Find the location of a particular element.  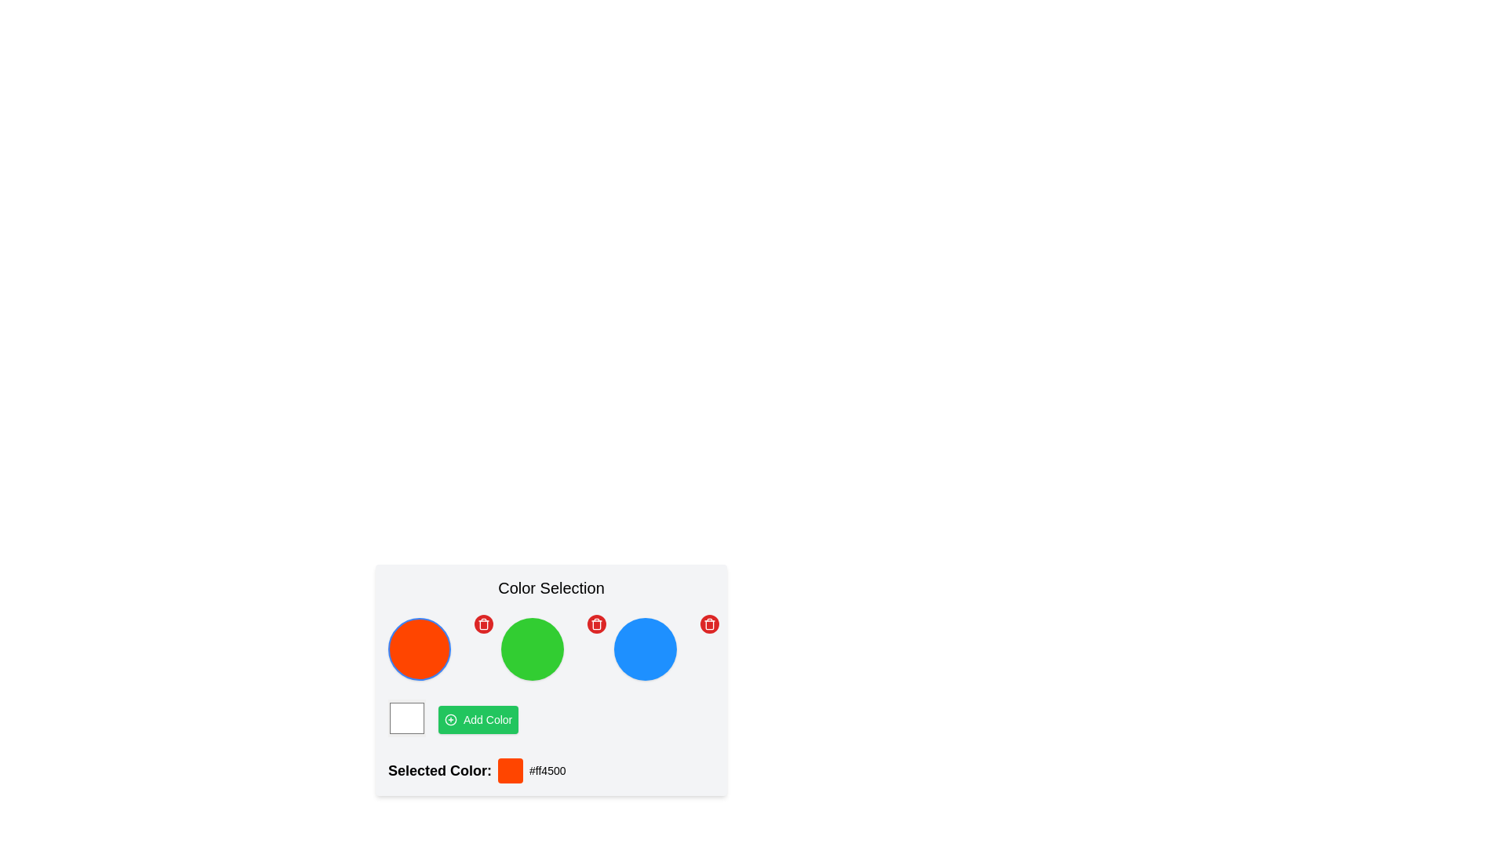

the delete button located in the top-right corner of the blue circular color selector is located at coordinates (709, 623).